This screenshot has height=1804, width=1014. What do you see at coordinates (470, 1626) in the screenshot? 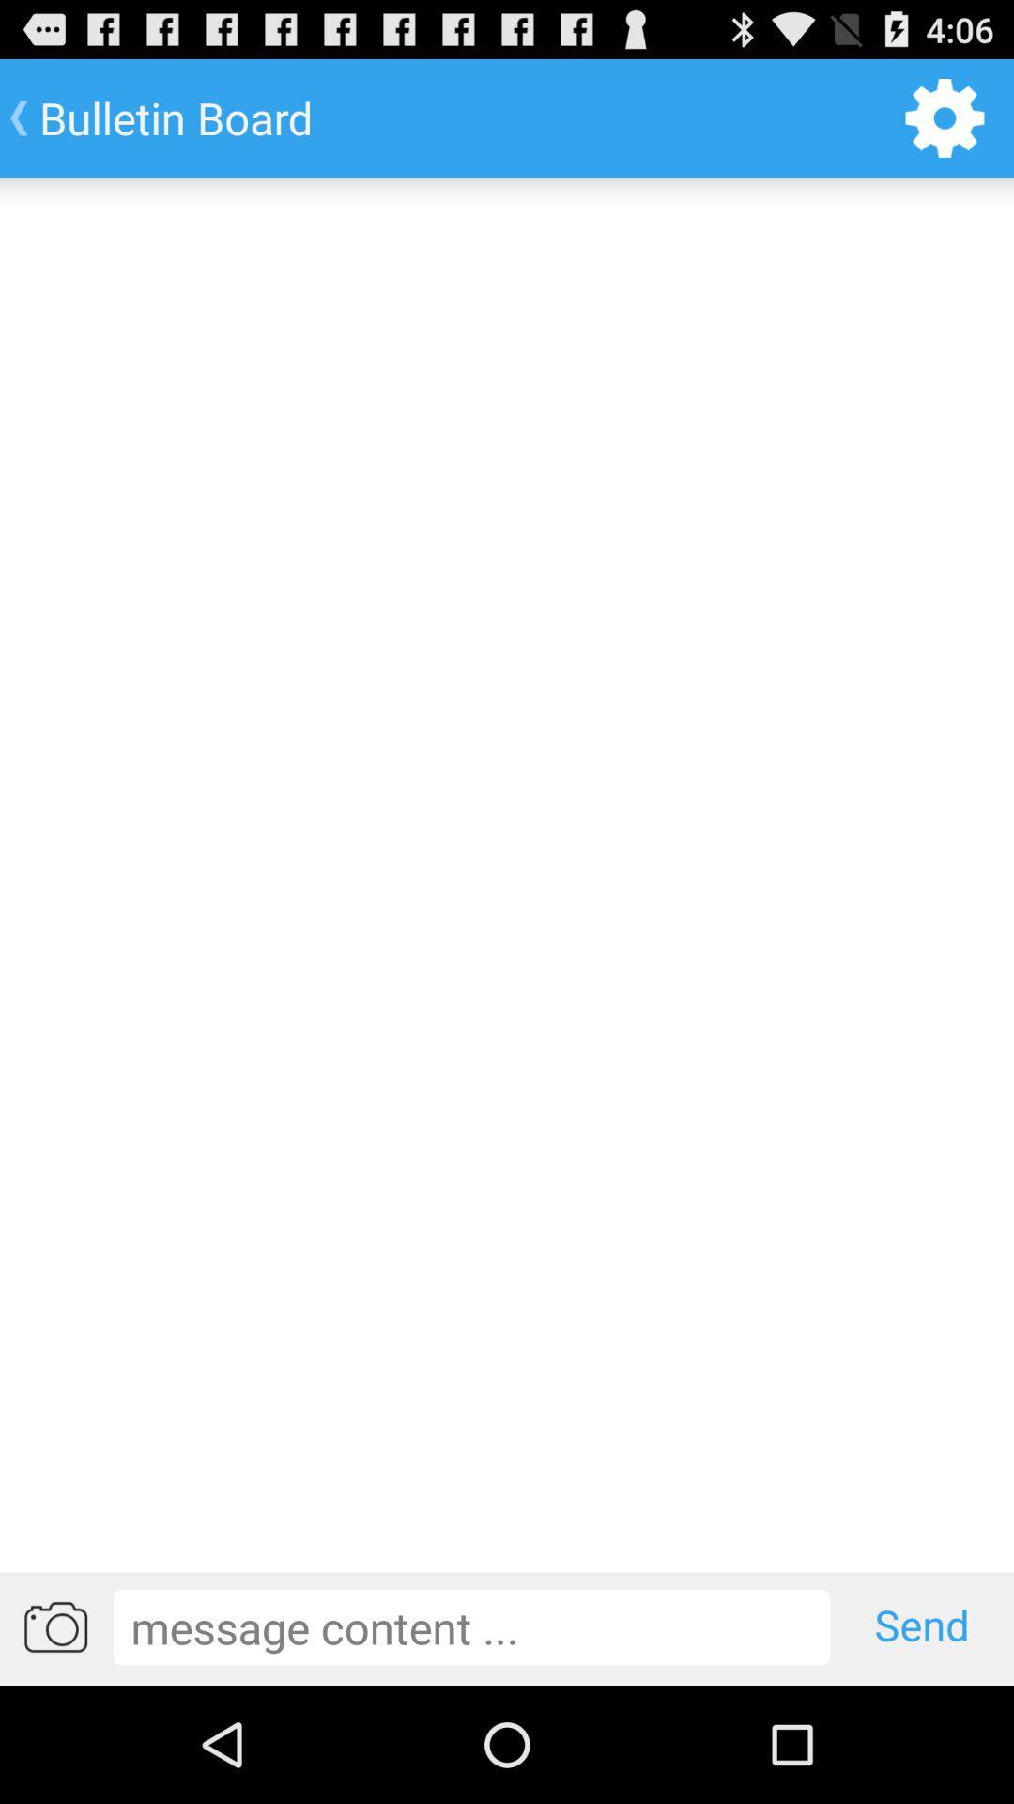
I see `write message` at bounding box center [470, 1626].